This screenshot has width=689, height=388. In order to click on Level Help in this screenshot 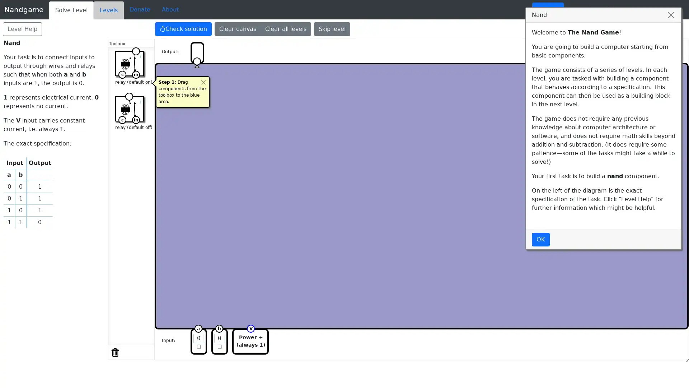, I will do `click(22, 29)`.